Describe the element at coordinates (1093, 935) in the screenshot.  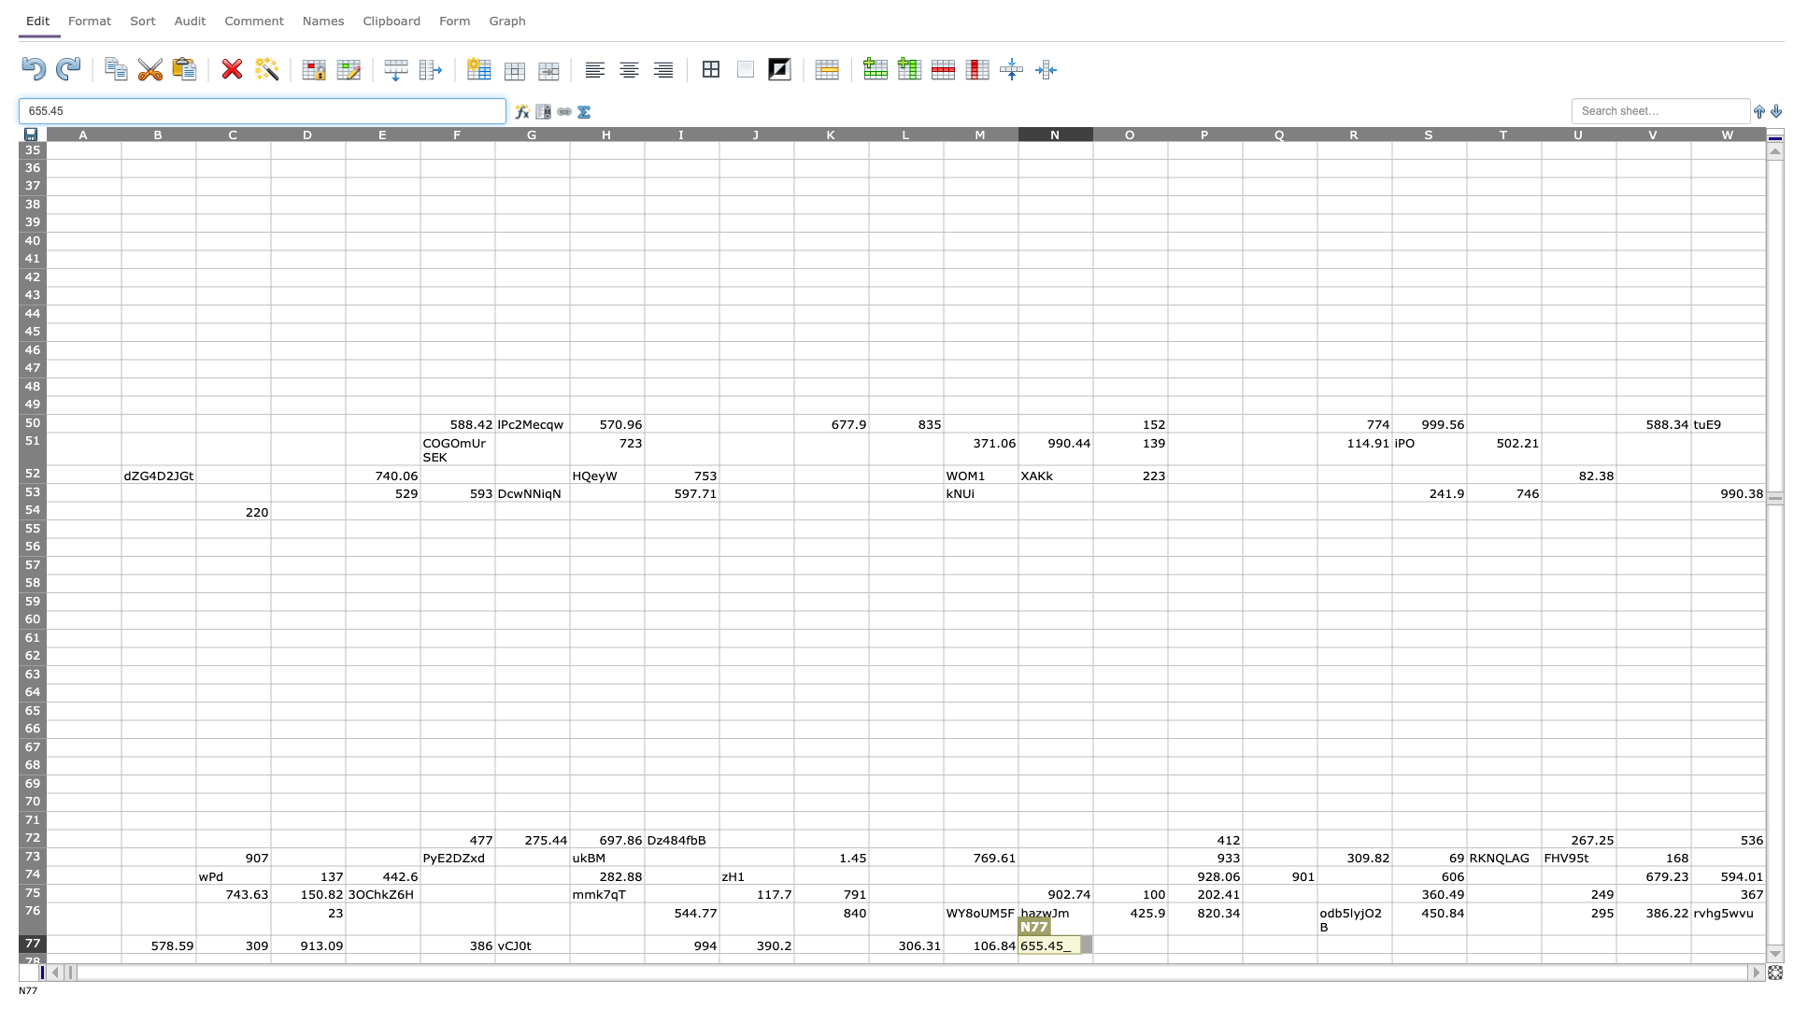
I see `top left at column O row 77` at that location.